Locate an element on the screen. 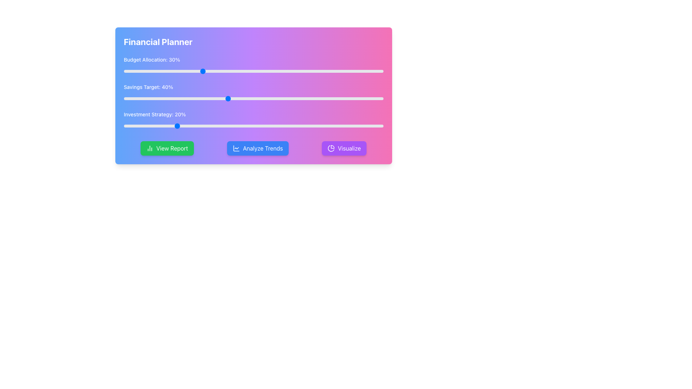 Image resolution: width=692 pixels, height=389 pixels. the slider value is located at coordinates (240, 71).